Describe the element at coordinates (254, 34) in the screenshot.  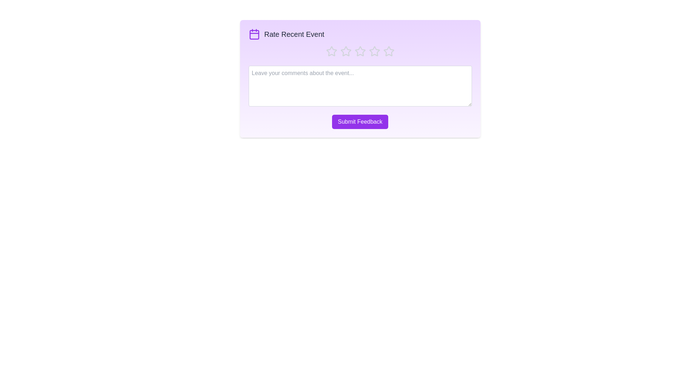
I see `the calendar icon to view it` at that location.